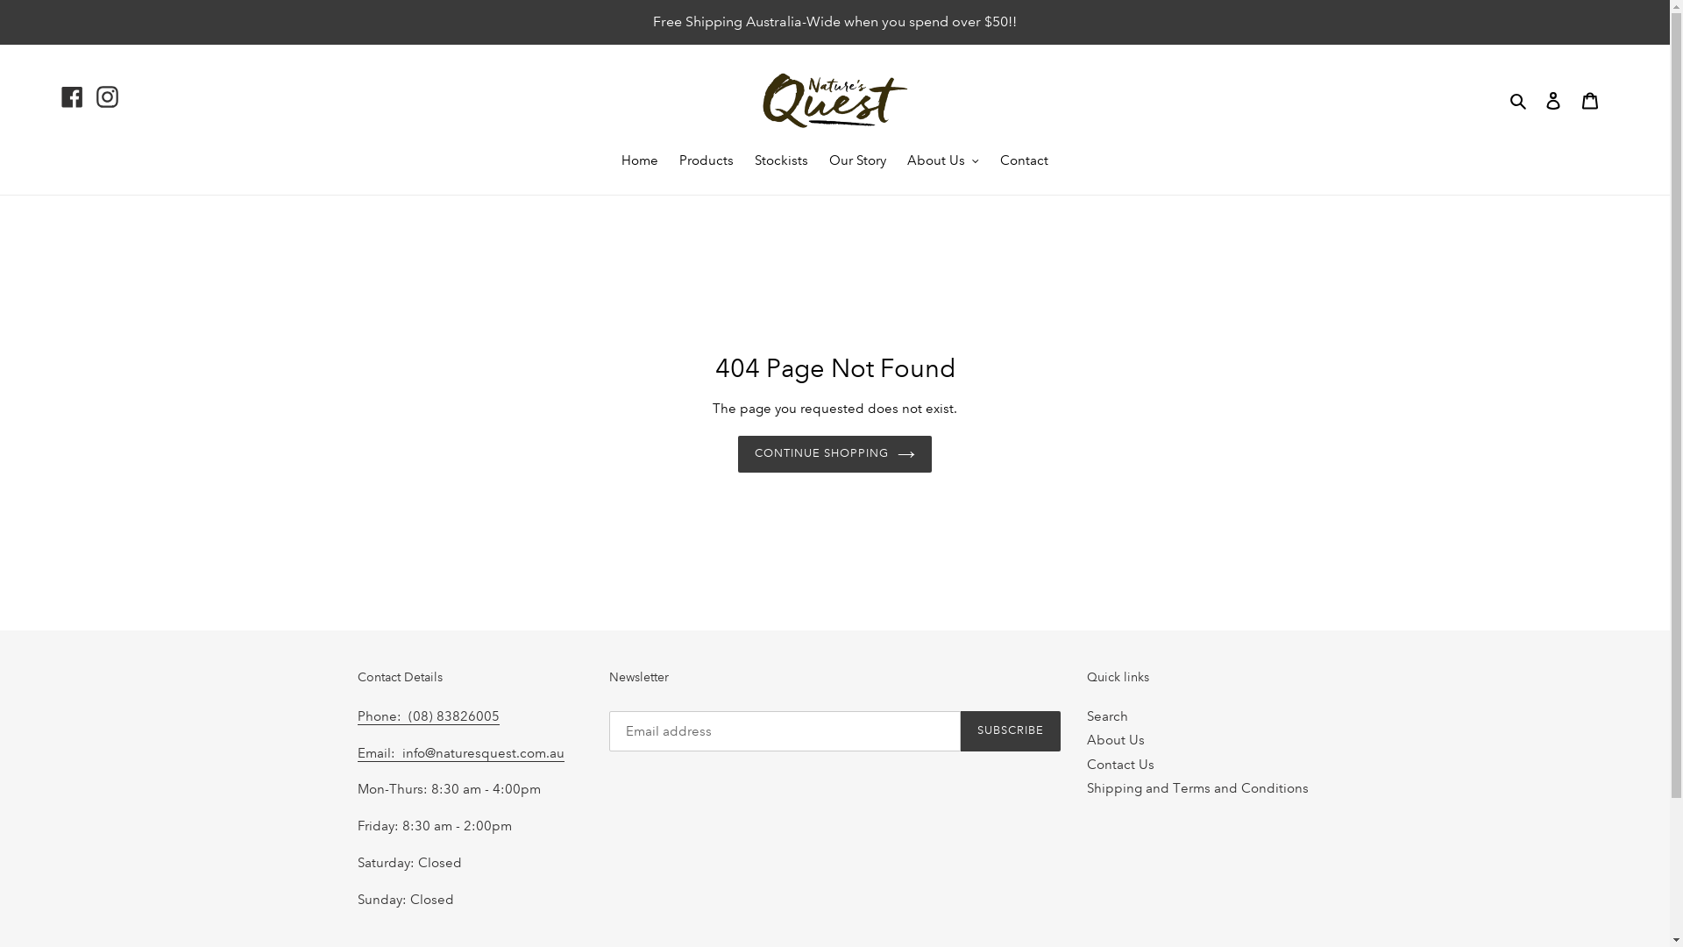 Image resolution: width=1683 pixels, height=947 pixels. I want to click on 'Phone:  (08) 83826005', so click(429, 716).